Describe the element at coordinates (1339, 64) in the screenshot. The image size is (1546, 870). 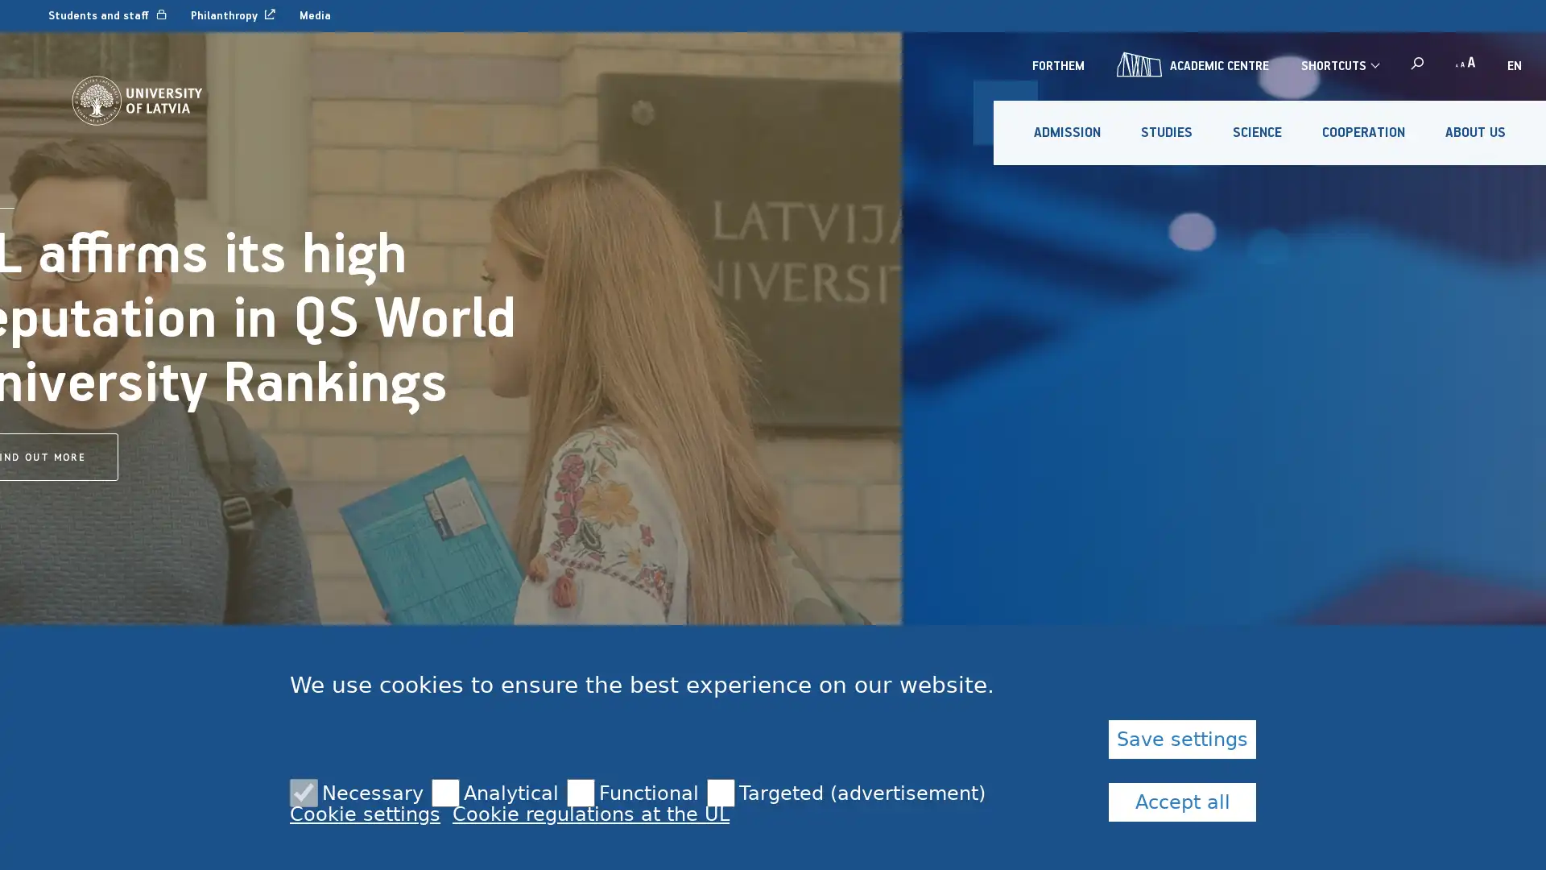
I see `SHORTCUTS` at that location.